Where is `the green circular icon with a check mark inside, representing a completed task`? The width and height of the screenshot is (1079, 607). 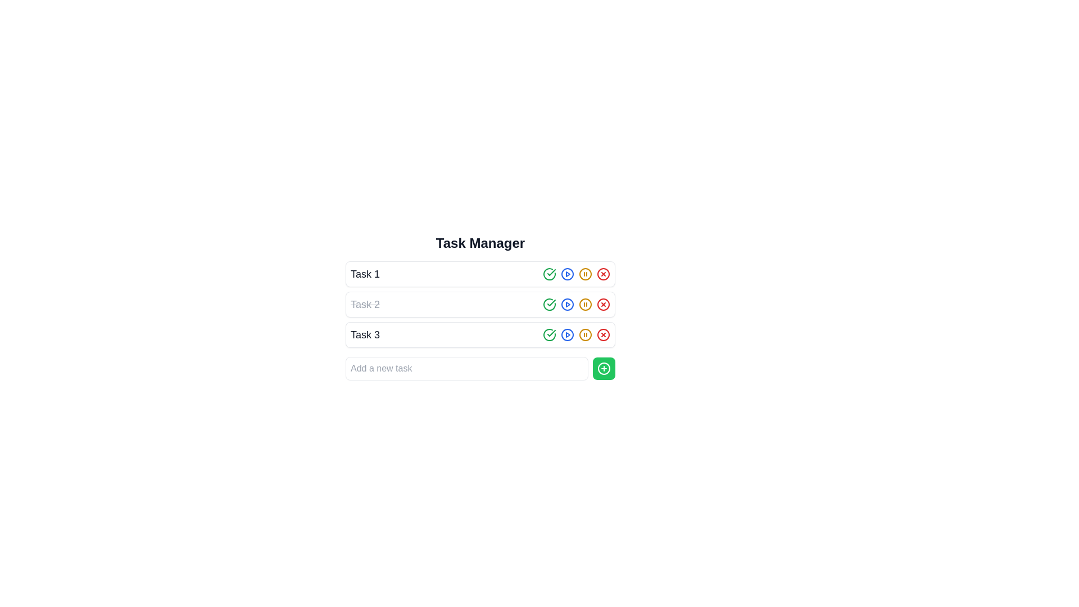
the green circular icon with a check mark inside, representing a completed task is located at coordinates (550, 334).